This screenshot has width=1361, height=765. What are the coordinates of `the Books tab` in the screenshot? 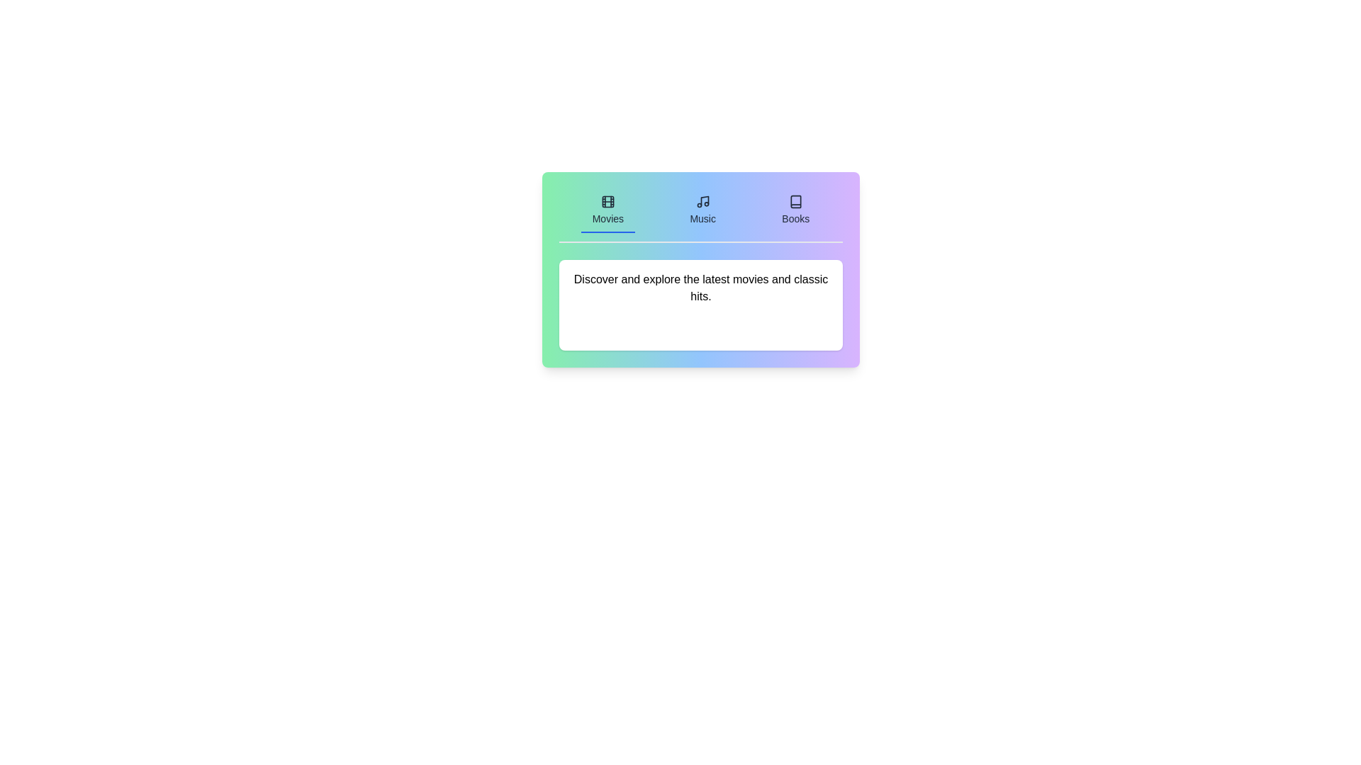 It's located at (795, 210).